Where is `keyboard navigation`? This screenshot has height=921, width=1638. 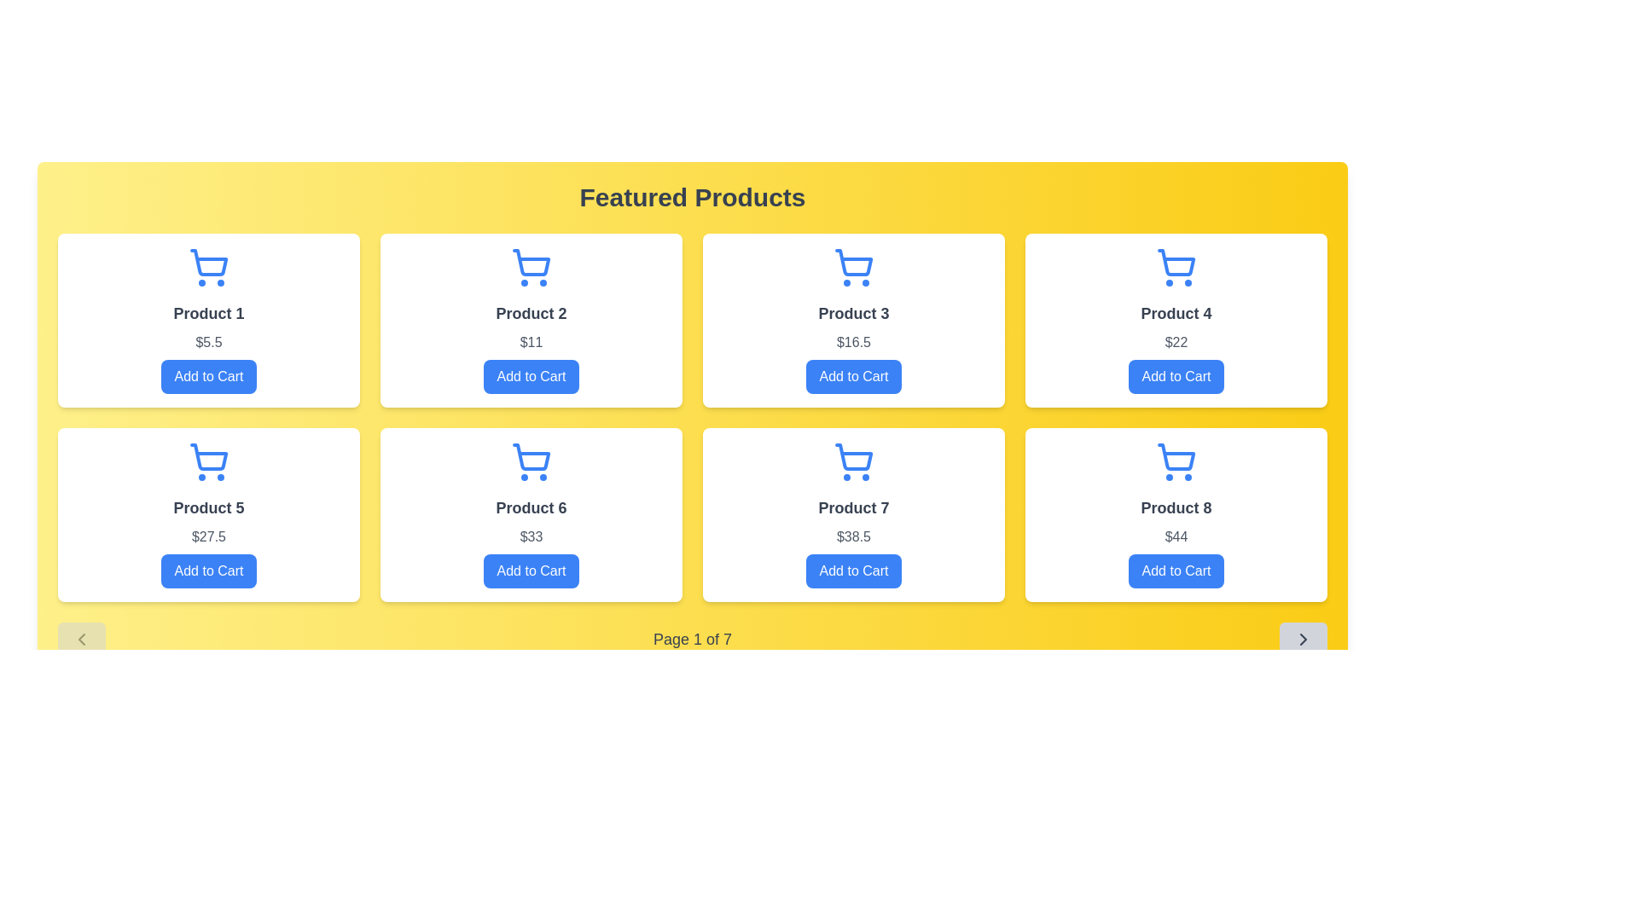 keyboard navigation is located at coordinates (854, 376).